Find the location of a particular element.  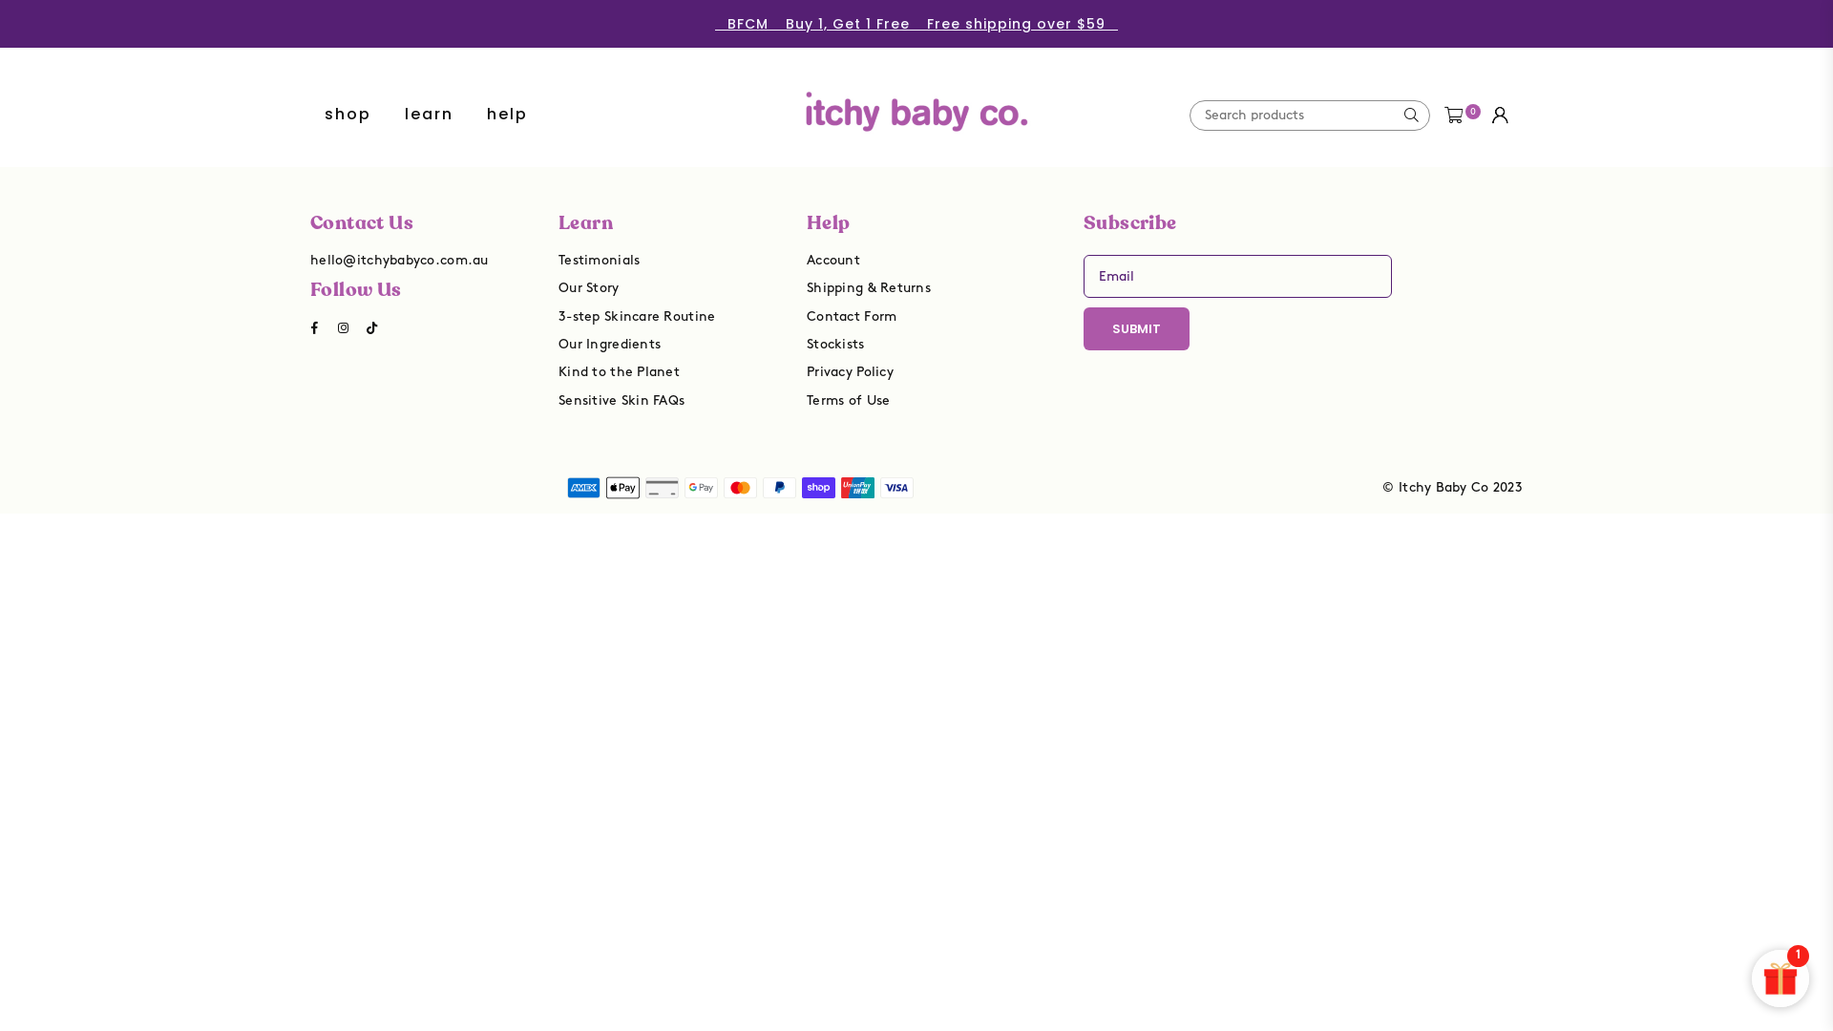

'TikTok' is located at coordinates (357, 326).